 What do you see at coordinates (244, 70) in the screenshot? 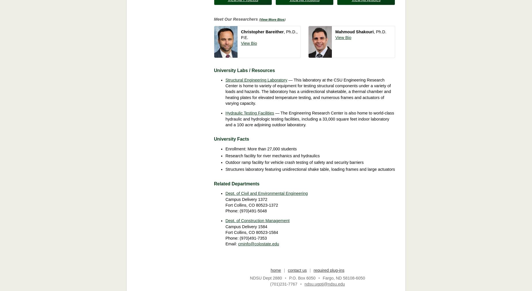
I see `'University Labs / Resources'` at bounding box center [244, 70].